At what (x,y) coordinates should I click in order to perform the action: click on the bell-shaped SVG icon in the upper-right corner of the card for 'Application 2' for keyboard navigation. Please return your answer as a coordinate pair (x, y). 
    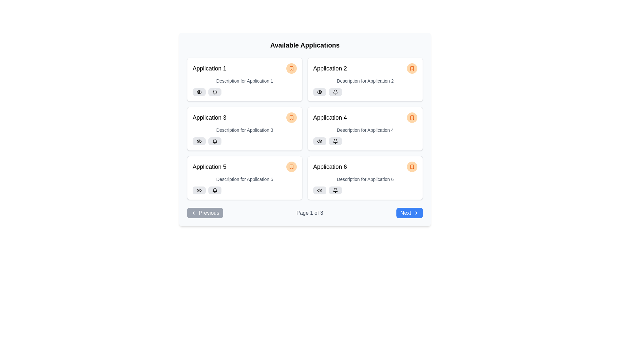
    Looking at the image, I should click on (335, 92).